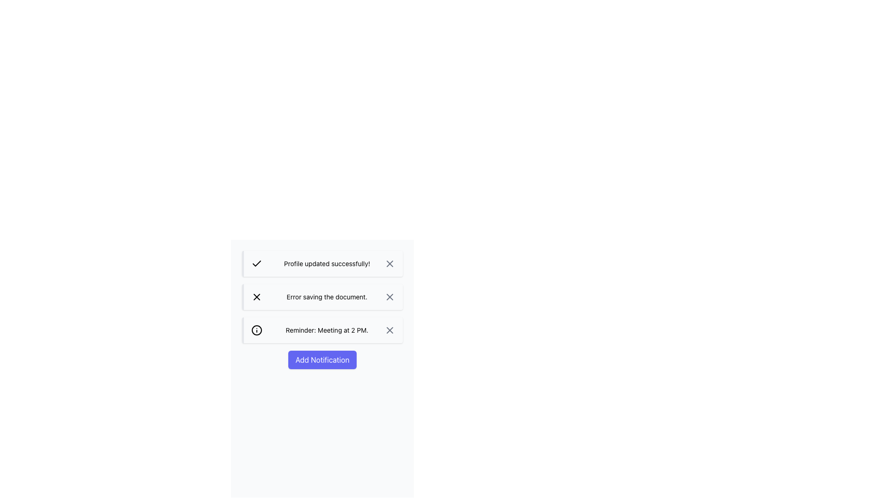 Image resolution: width=887 pixels, height=499 pixels. What do you see at coordinates (257, 329) in the screenshot?
I see `the Circle SVG element that represents the reminder notification for 'Meeting at 2 PM', located in the leftmost position of the third notification box` at bounding box center [257, 329].